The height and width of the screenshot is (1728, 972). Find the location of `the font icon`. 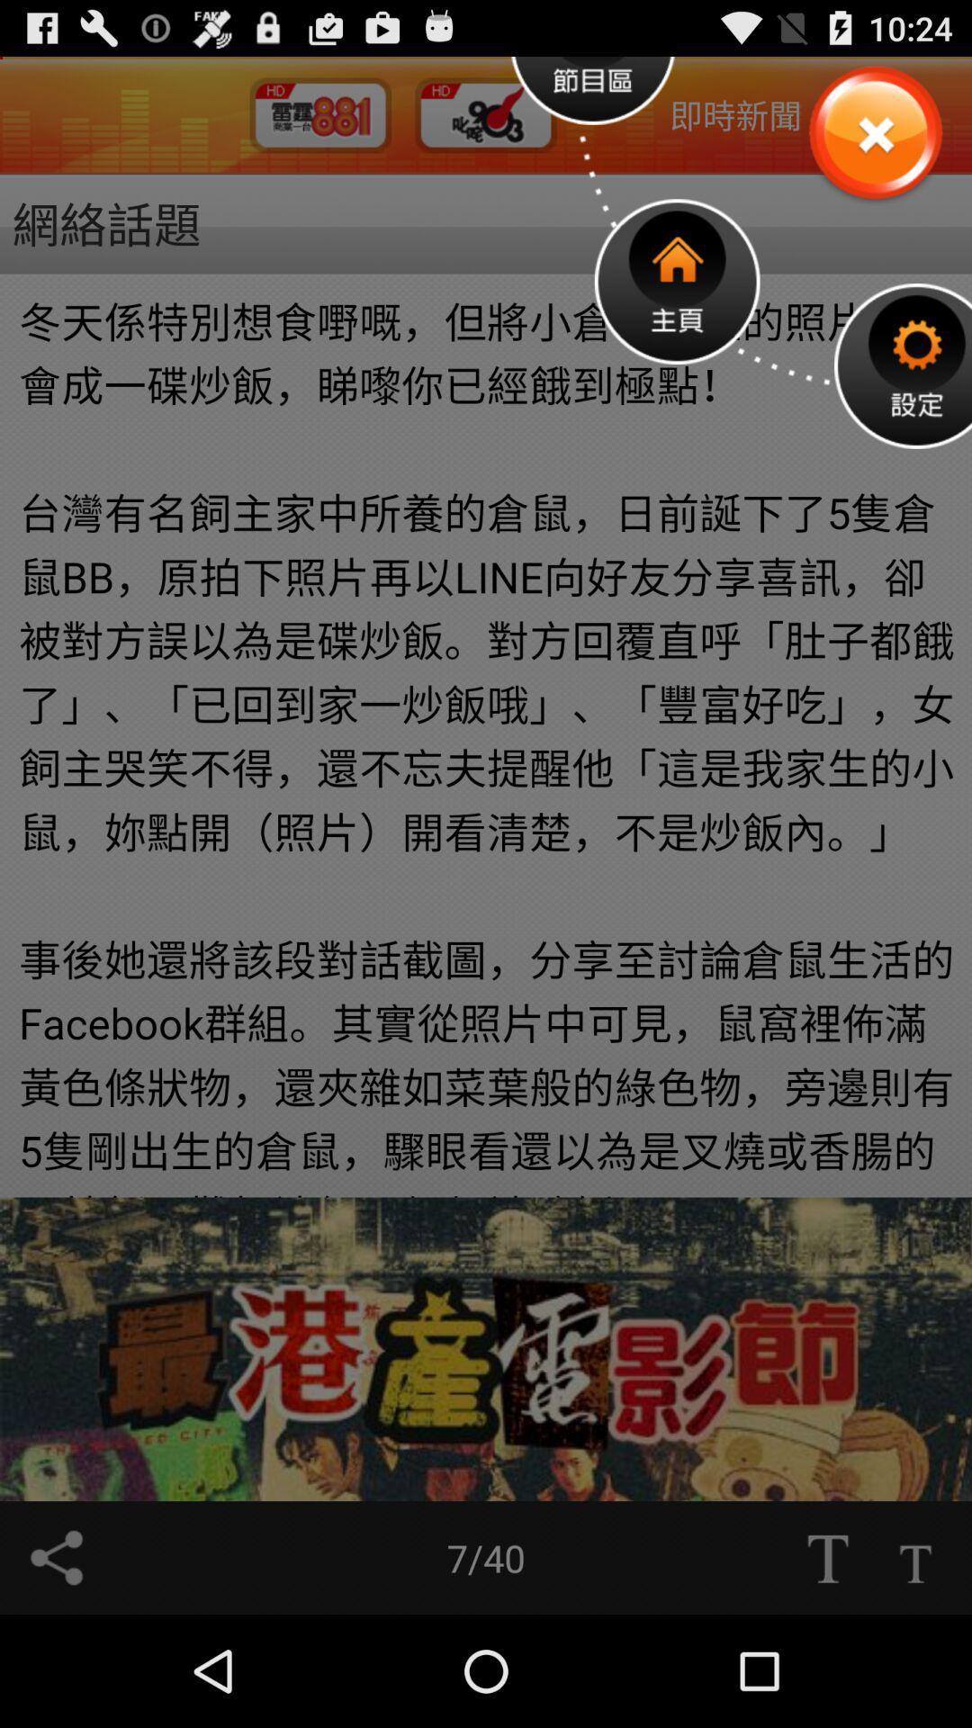

the font icon is located at coordinates (915, 1666).